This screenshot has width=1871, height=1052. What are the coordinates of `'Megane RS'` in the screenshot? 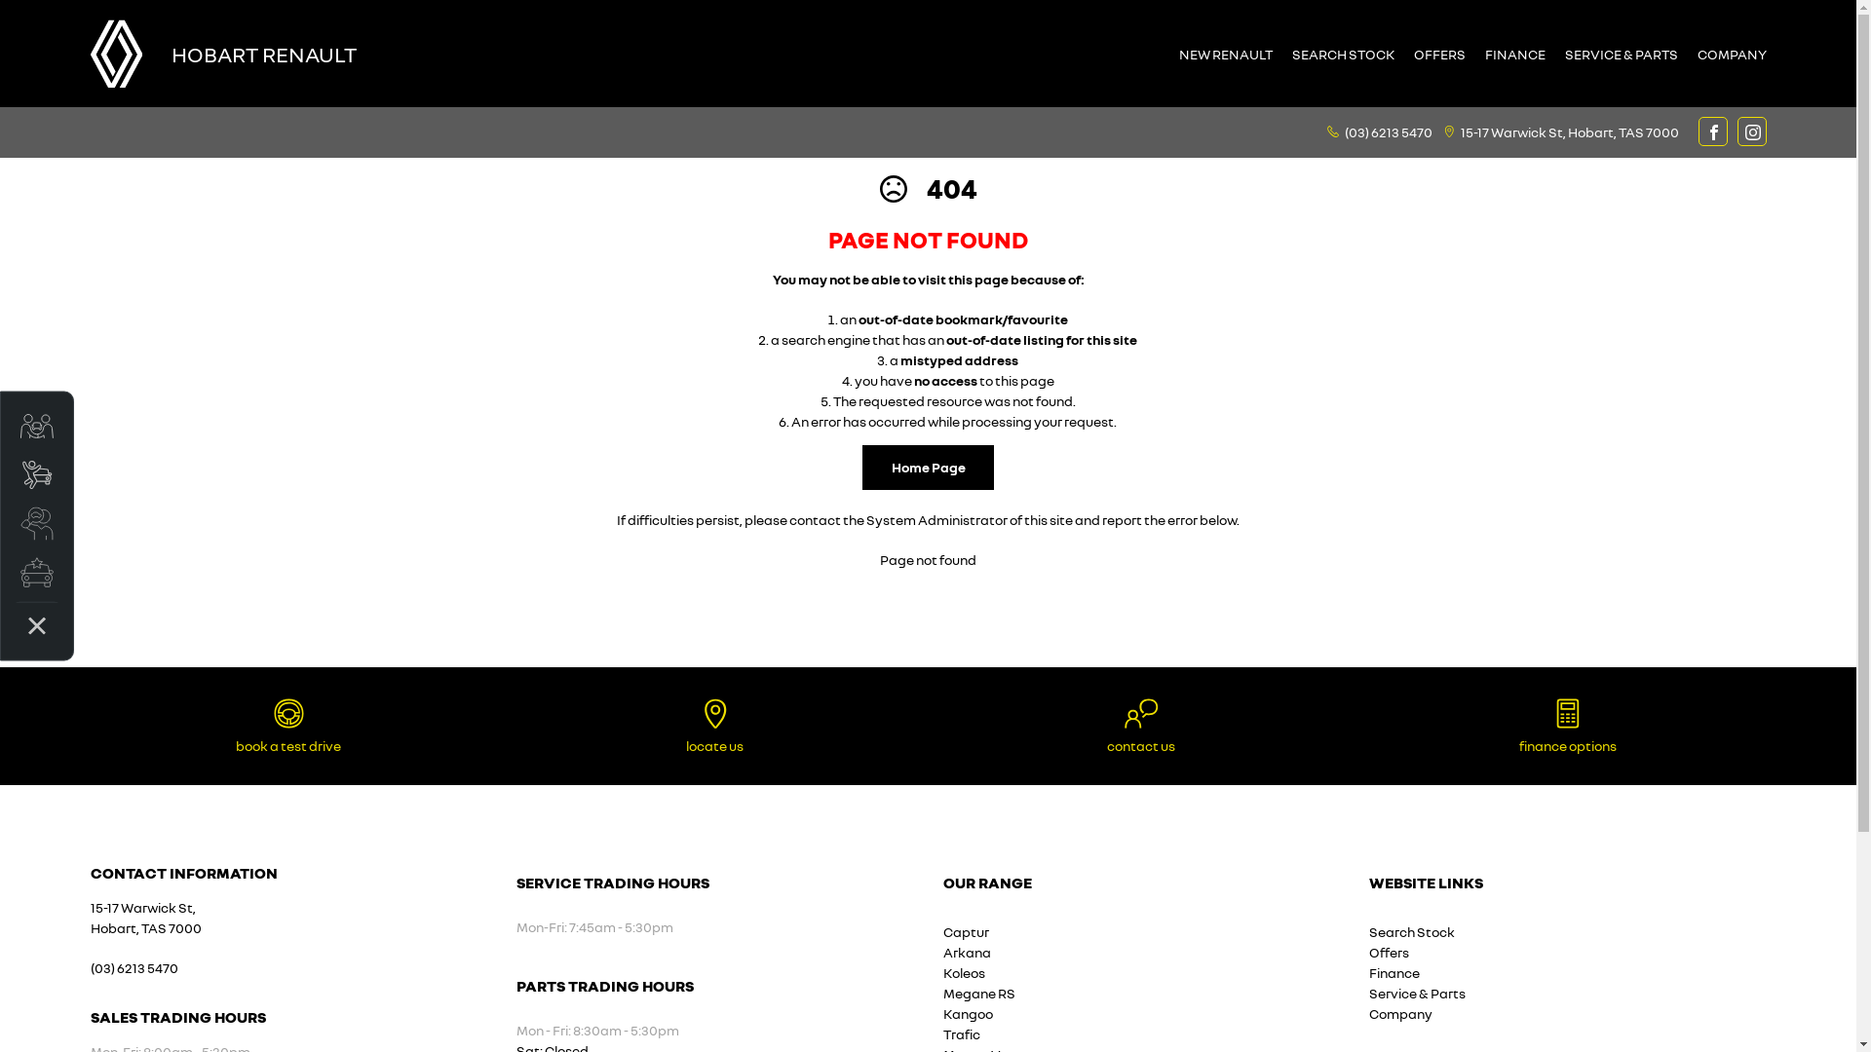 It's located at (978, 993).